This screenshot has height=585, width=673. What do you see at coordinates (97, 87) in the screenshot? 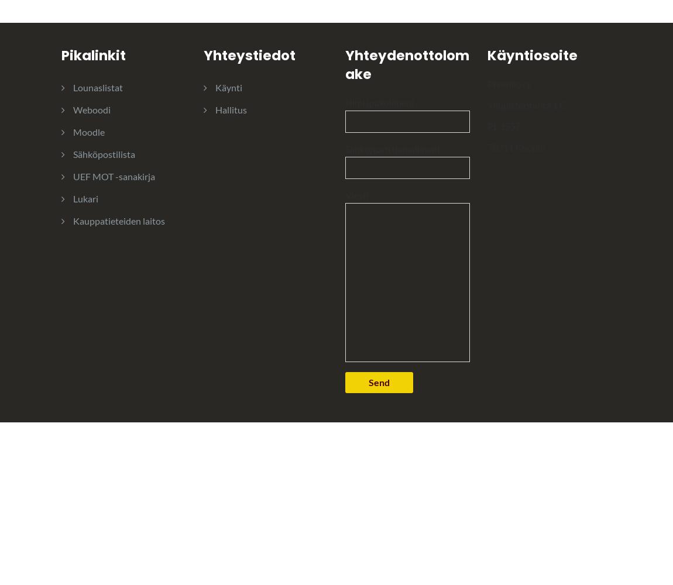
I see `'Lounaslistat'` at bounding box center [97, 87].